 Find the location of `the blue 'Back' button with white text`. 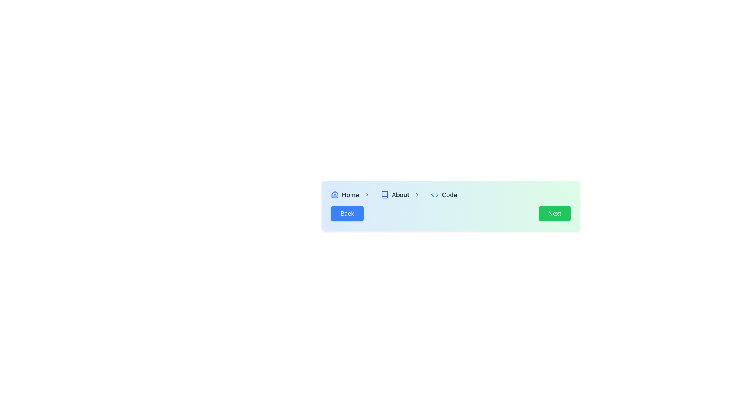

the blue 'Back' button with white text is located at coordinates (347, 213).